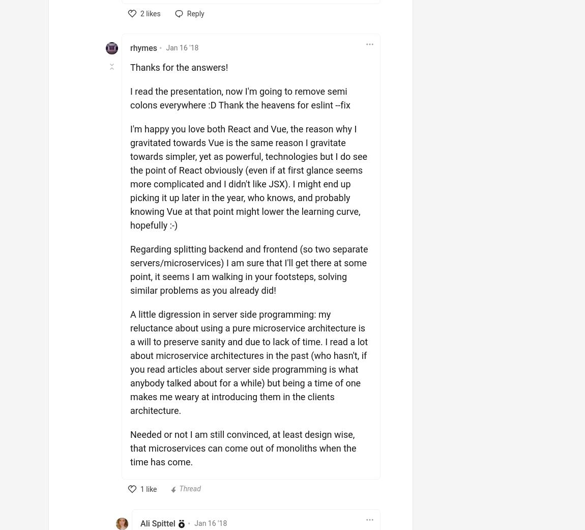 The image size is (585, 530). Describe the element at coordinates (129, 361) in the screenshot. I see `'A little digression in server side programming: my reluctance about using a pure microservice architecture is a will to preserve sanity and due to lack of time. I read a lot about microservice architectures in the past (who hasn't, if you read articles about server side programming is what anybody talked about for a while) but being a time of one makes me weary at introducing them in the clients architecture.'` at that location.